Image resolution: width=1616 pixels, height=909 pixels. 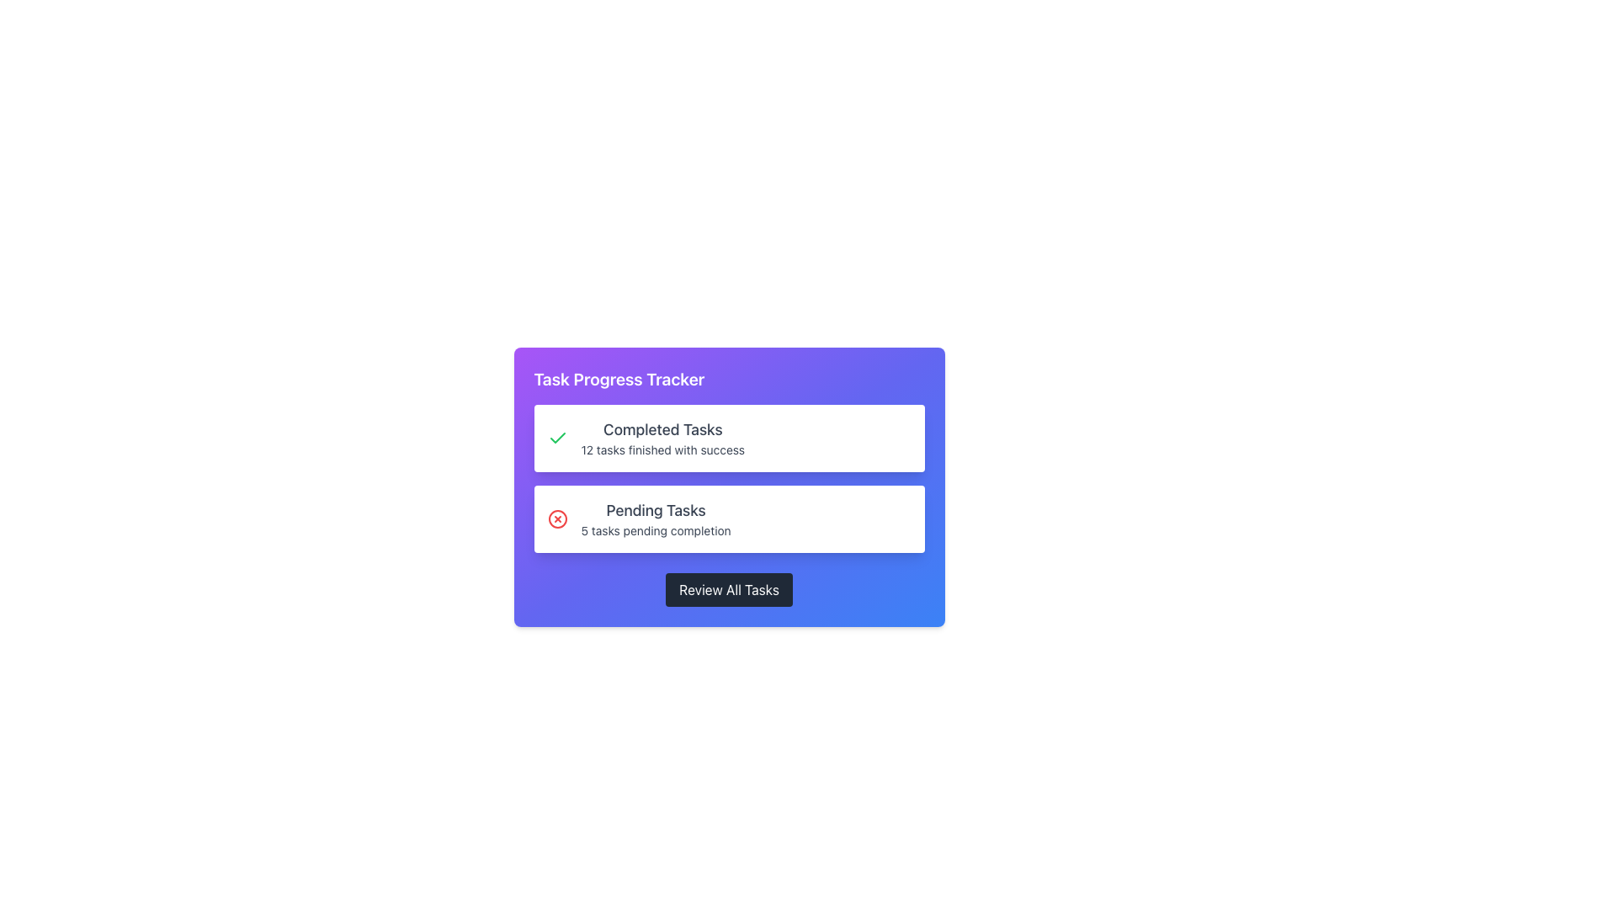 What do you see at coordinates (662, 437) in the screenshot?
I see `information displayed in the textual area labeled 'Completed Tasks' which shows '12 tasks finished with success'` at bounding box center [662, 437].